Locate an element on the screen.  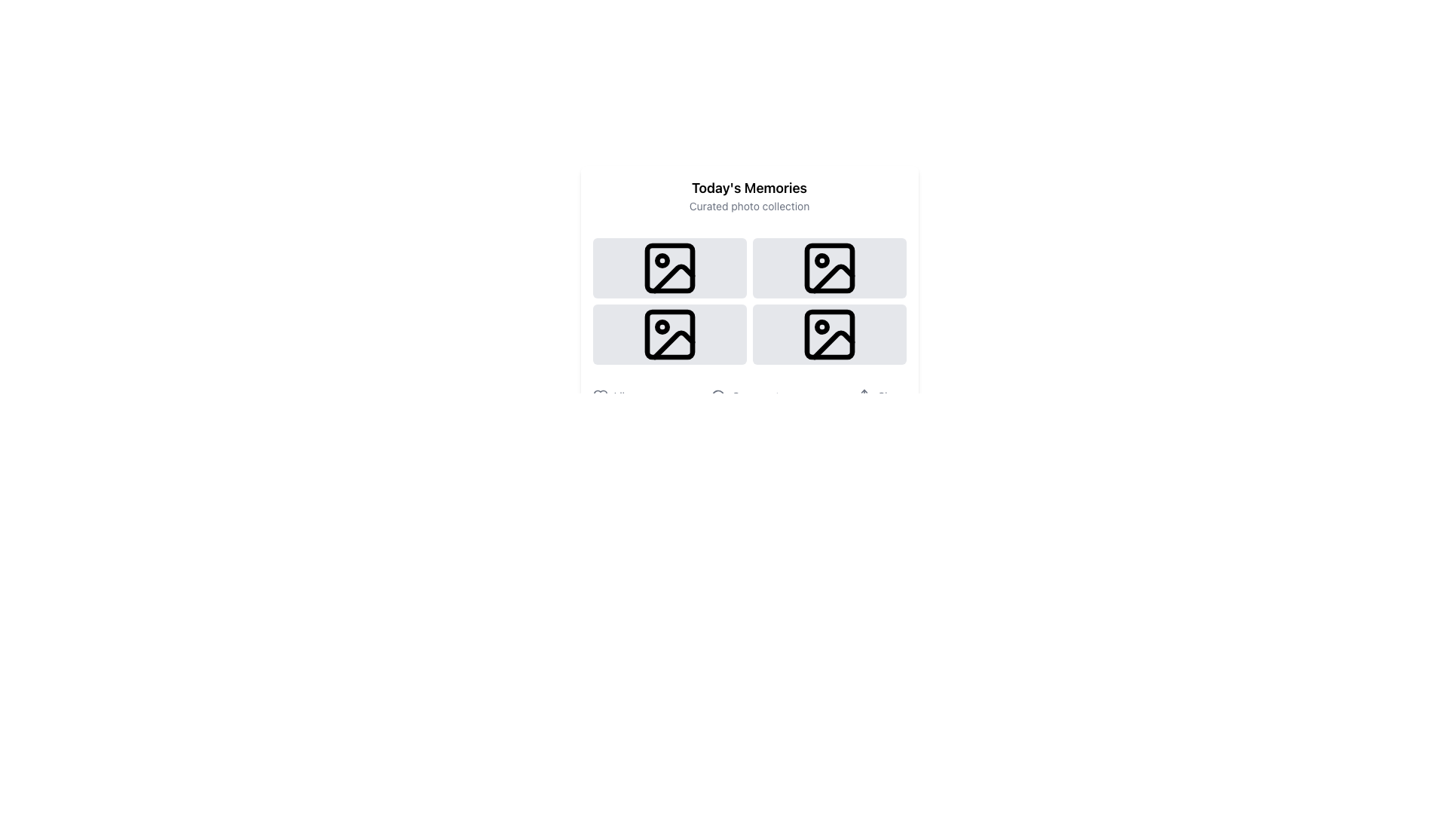
the minimalistic rectangle with rounded corners, outlined in black, located in the bottom-right icon of a 2x2 grid under 'Today's Memories' is located at coordinates (828, 333).